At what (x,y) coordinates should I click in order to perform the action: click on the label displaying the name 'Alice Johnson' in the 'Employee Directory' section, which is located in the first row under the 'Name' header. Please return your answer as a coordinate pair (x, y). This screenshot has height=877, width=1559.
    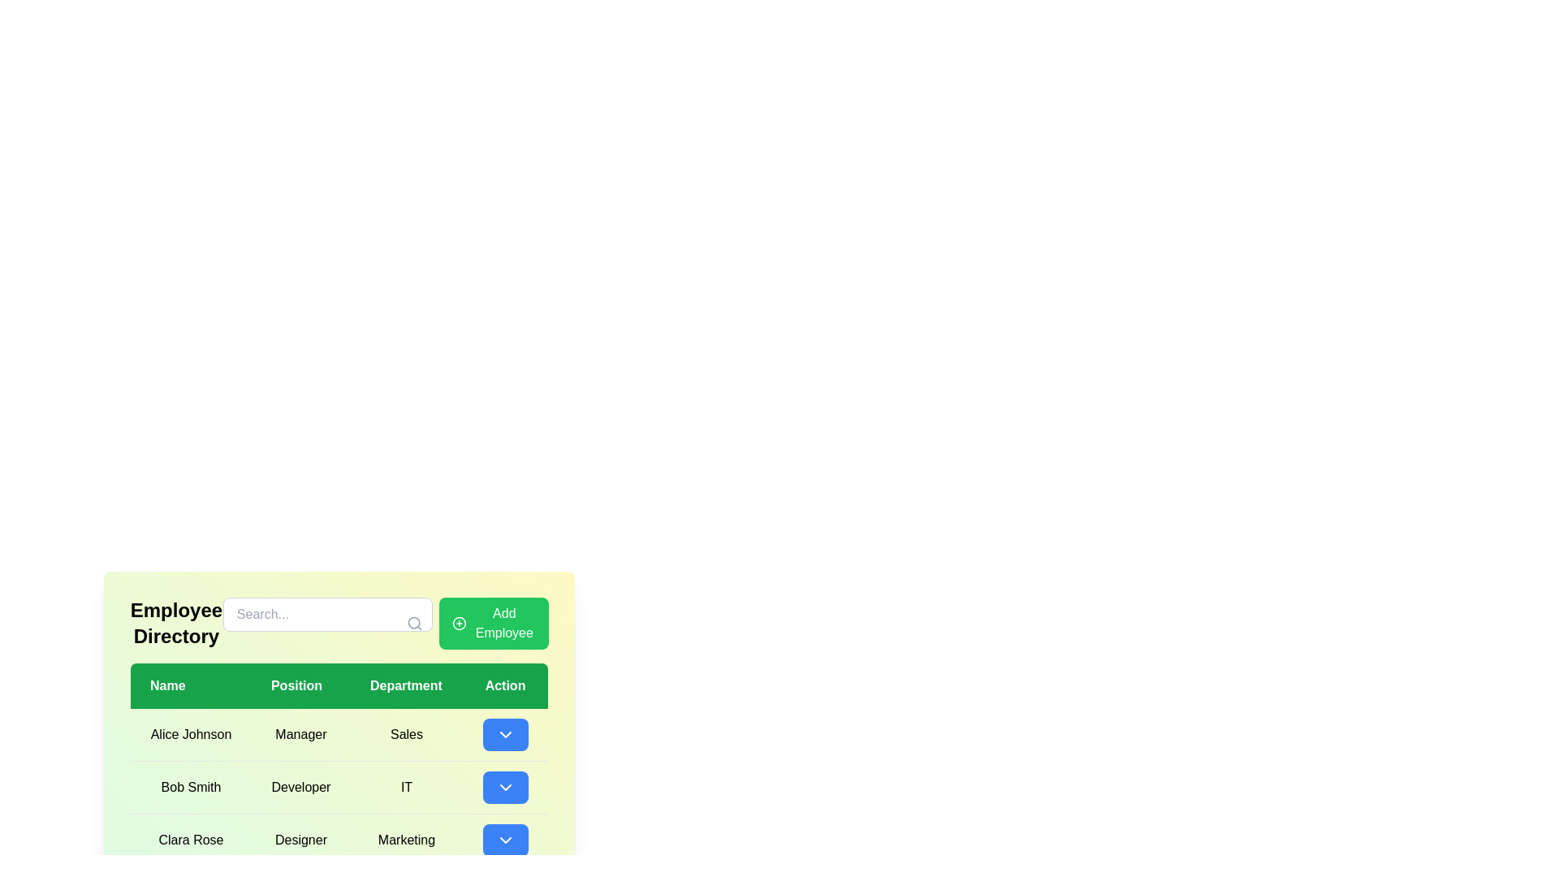
    Looking at the image, I should click on (191, 735).